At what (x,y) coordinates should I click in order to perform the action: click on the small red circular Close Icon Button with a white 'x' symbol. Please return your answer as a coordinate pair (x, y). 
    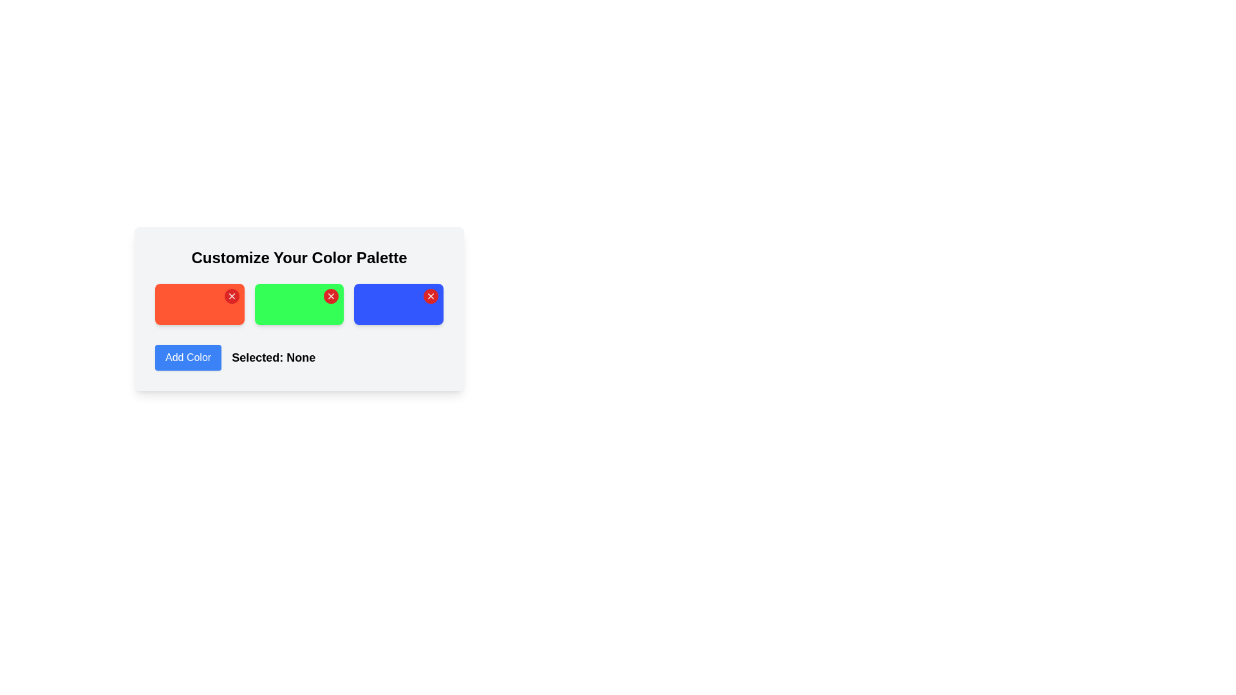
    Looking at the image, I should click on (331, 296).